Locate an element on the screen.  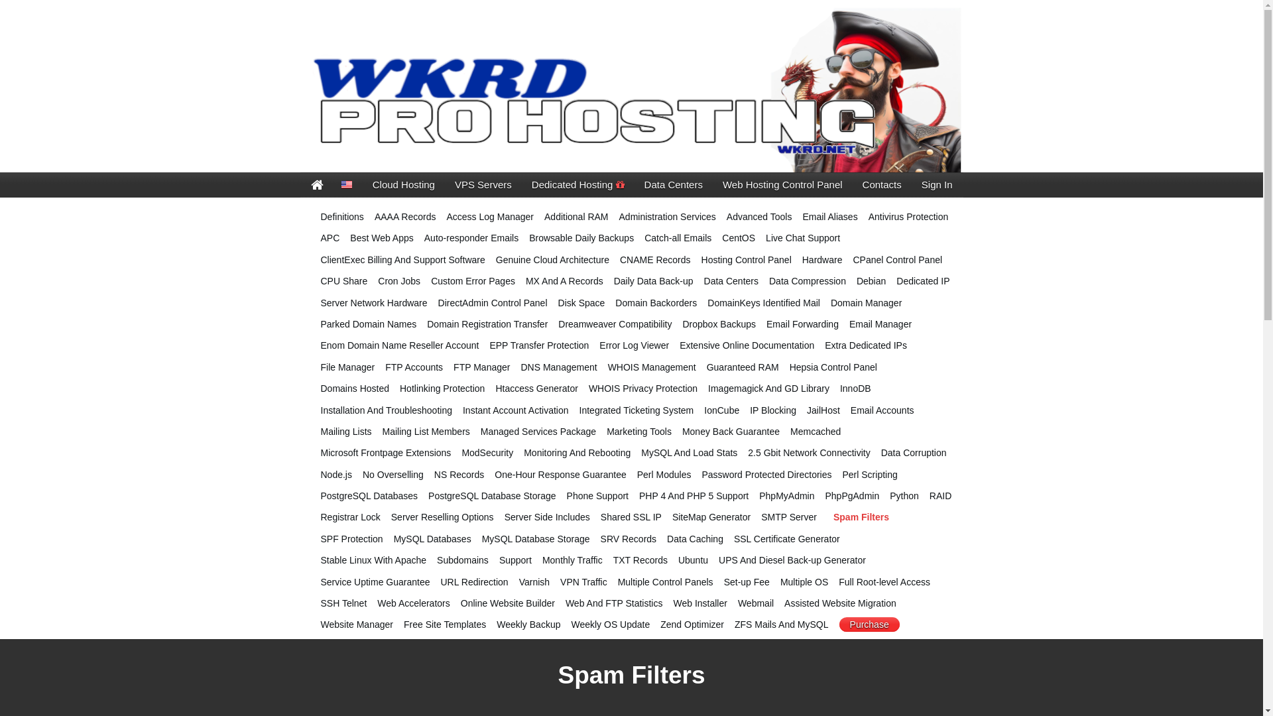
'CPanel Control Panel' is located at coordinates (897, 260).